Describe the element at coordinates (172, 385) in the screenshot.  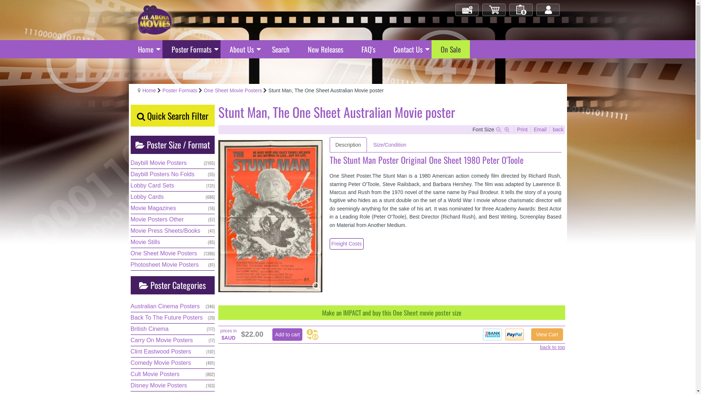
I see `'Disney Movie Posters` at that location.